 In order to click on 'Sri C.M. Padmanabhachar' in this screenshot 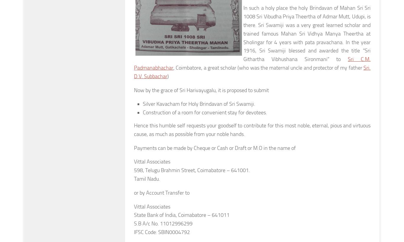, I will do `click(252, 63)`.